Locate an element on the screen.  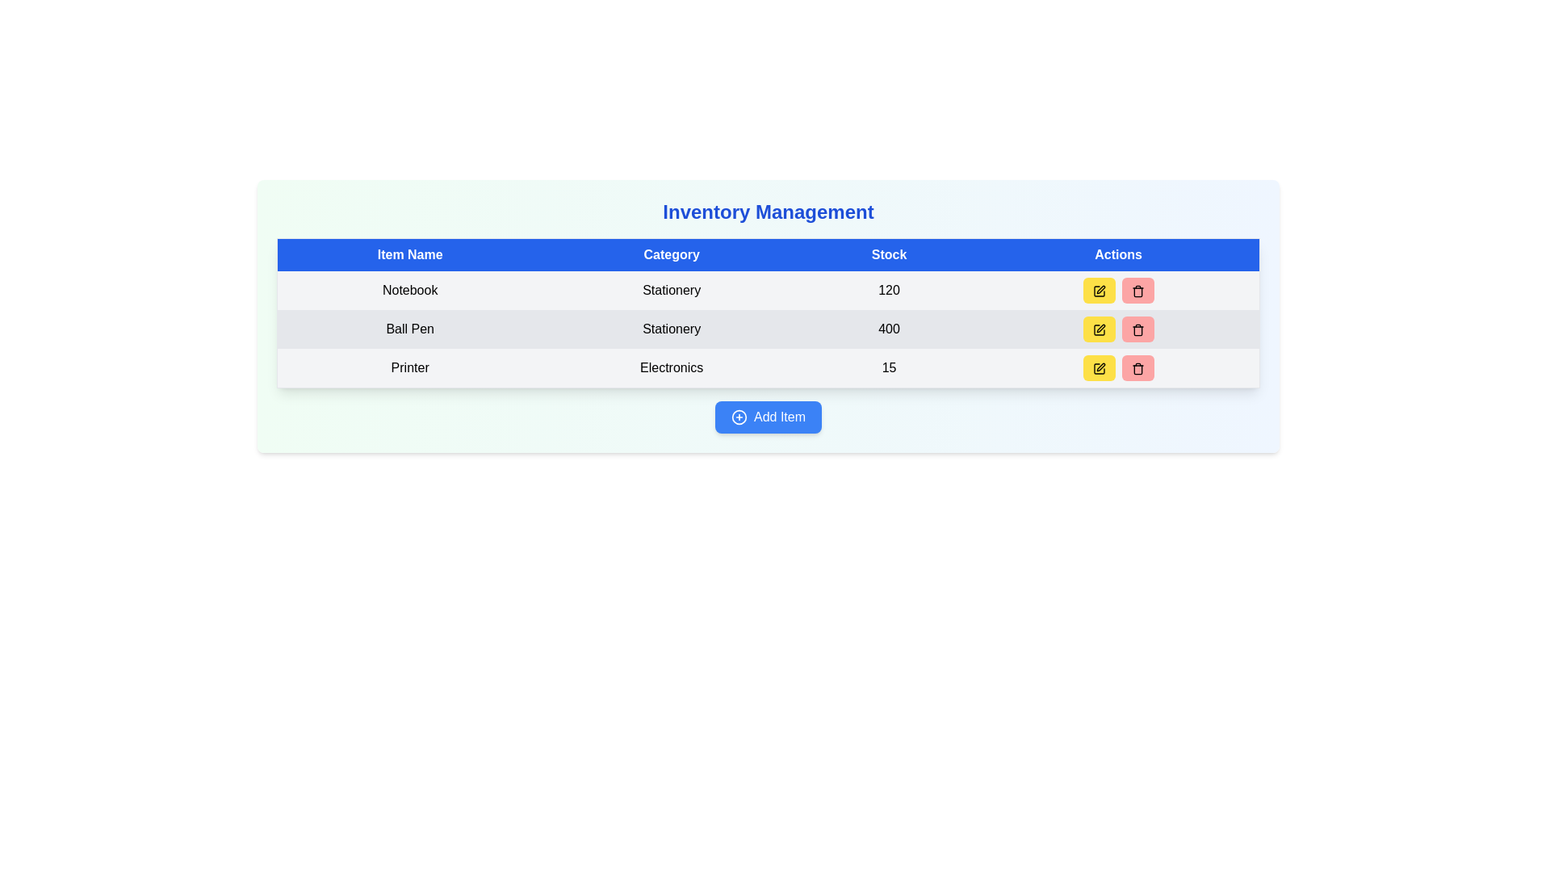
the second button in the action column of the table is located at coordinates (1137, 329).